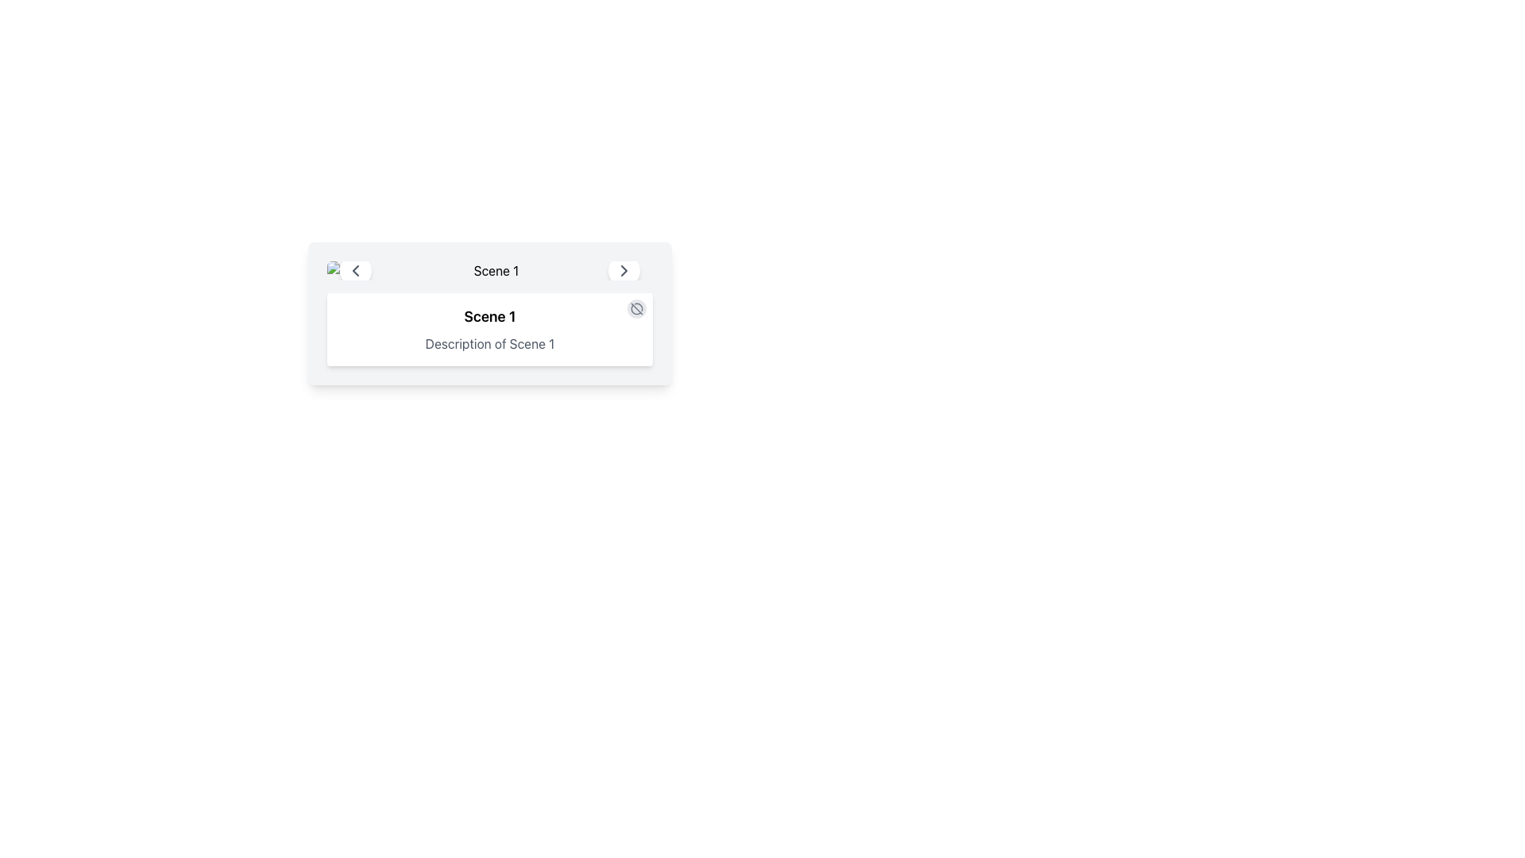 The width and height of the screenshot is (1525, 858). I want to click on the left navigational button located to the left of the panel displaying 'Scene 1', so click(354, 269).